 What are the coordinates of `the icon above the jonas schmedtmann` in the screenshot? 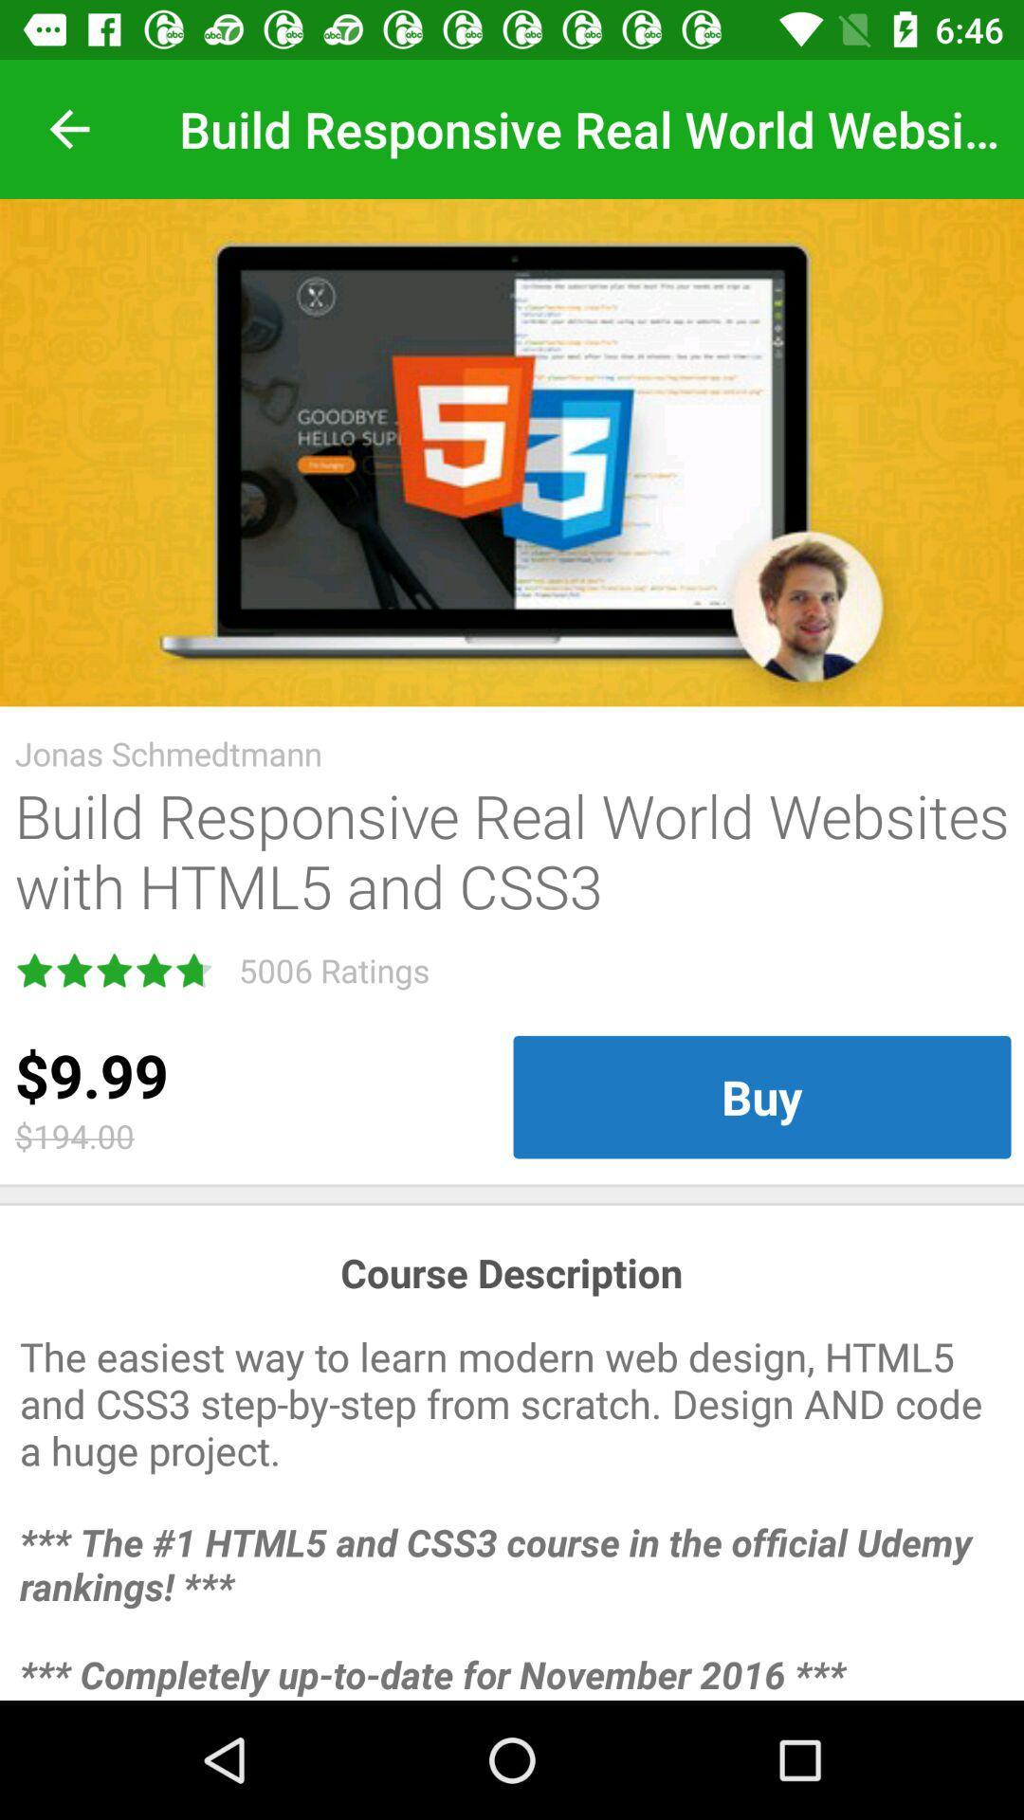 It's located at (512, 451).